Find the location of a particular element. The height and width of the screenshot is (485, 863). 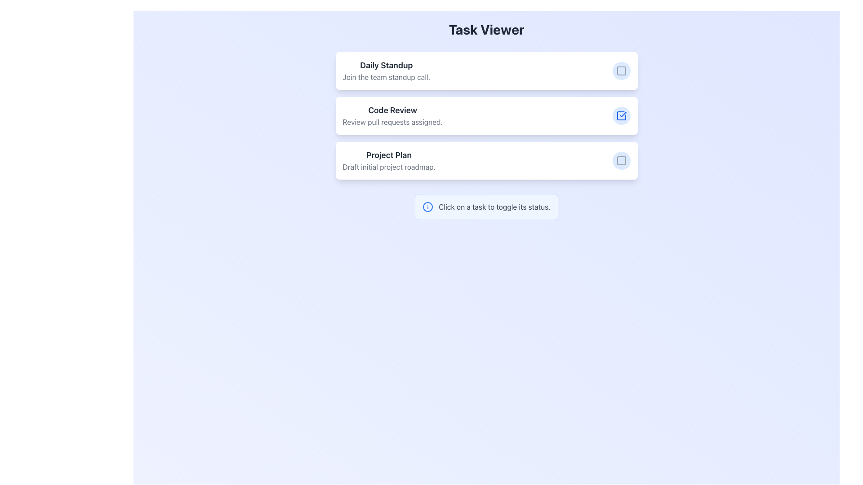

the text label that says 'Join the team standup call.' which is styled in gray and positioned directly below the bold title 'Daily Standup.' is located at coordinates (386, 77).